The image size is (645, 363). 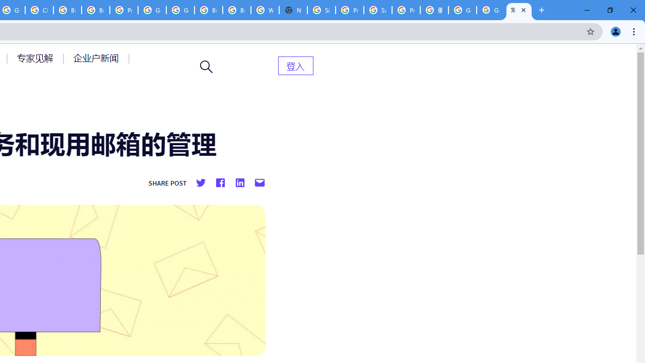 What do you see at coordinates (208, 10) in the screenshot?
I see `'Browse Chrome as a guest - Computer - Google Chrome Help'` at bounding box center [208, 10].